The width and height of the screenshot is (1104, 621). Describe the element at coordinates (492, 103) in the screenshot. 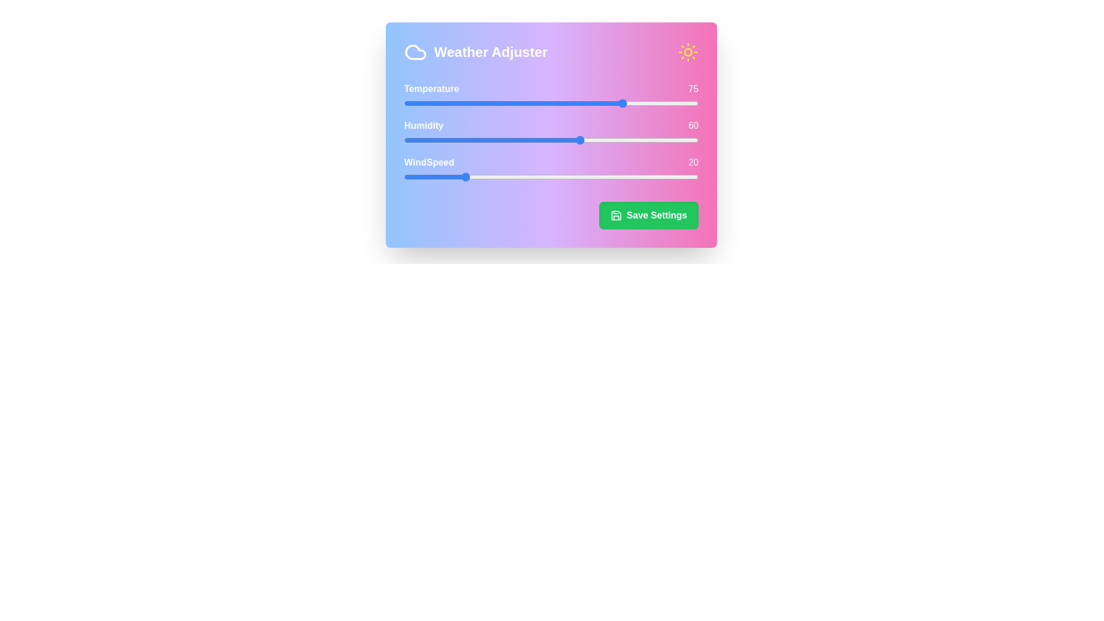

I see `the temperature slider` at that location.